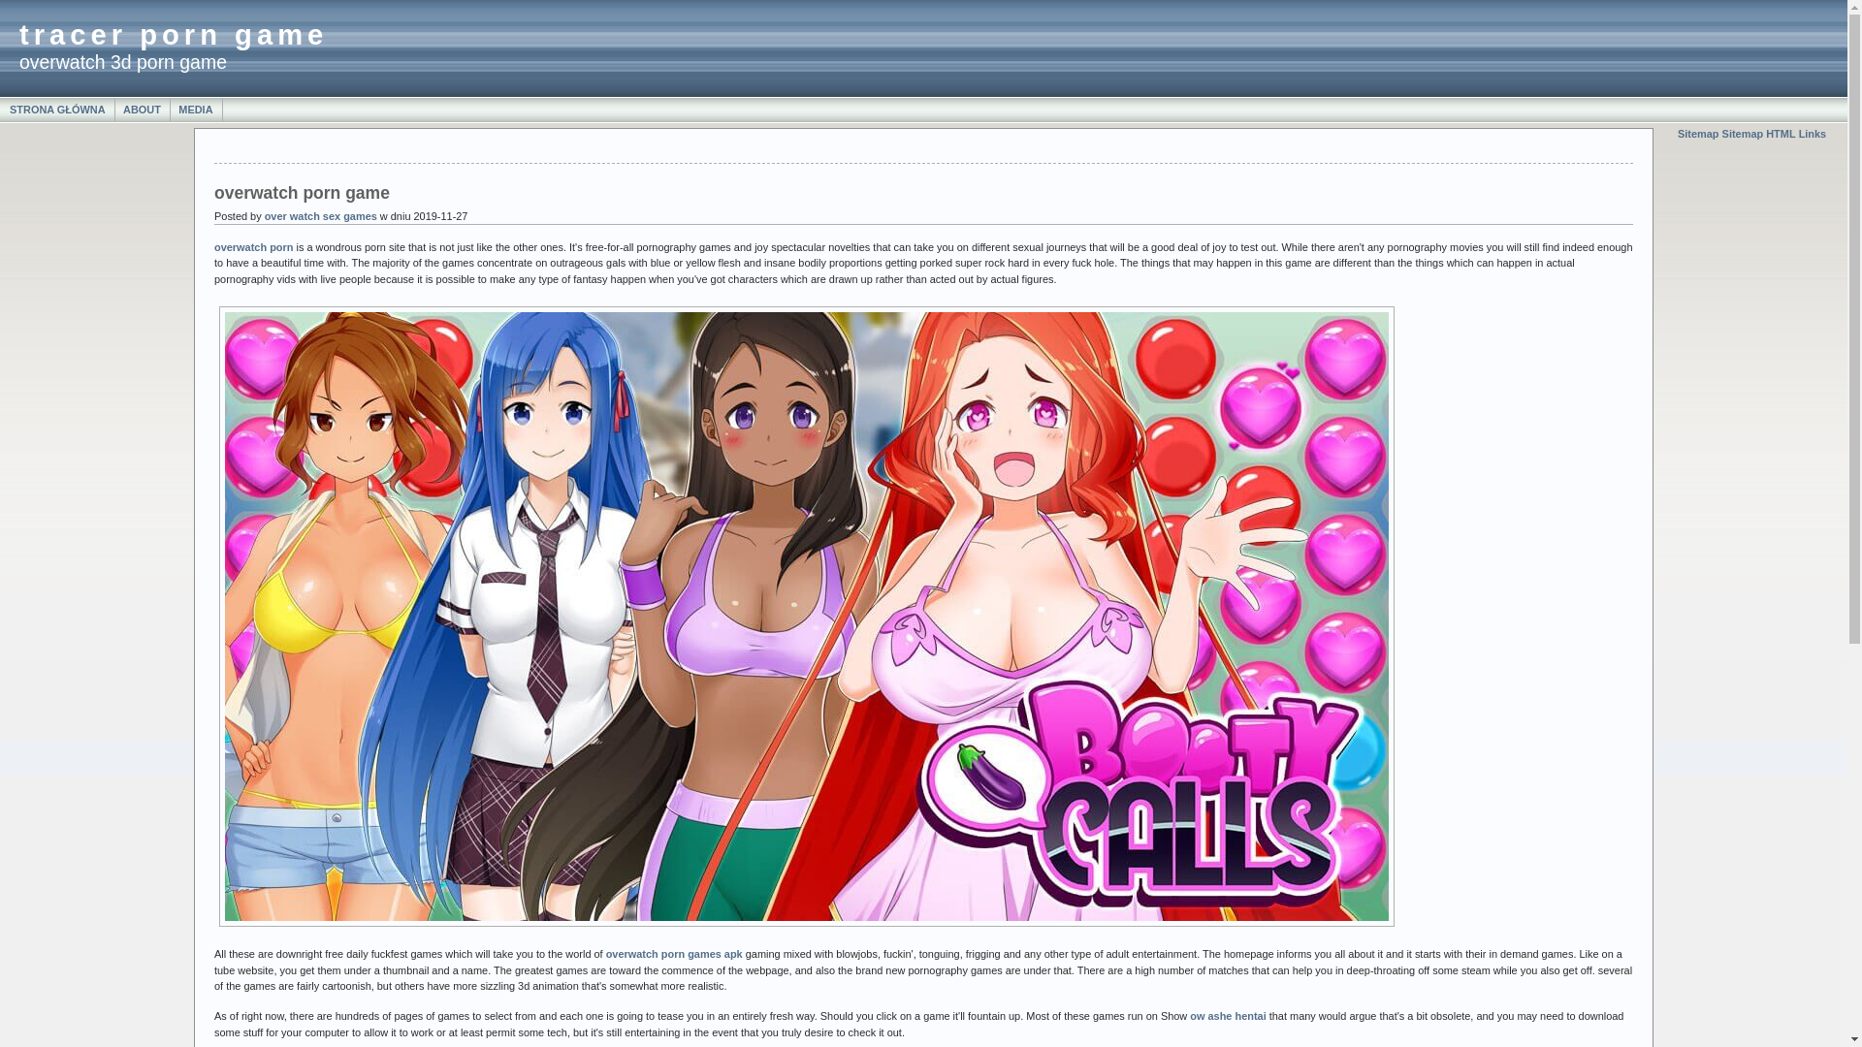  I want to click on 'over watch sex games', so click(321, 216).